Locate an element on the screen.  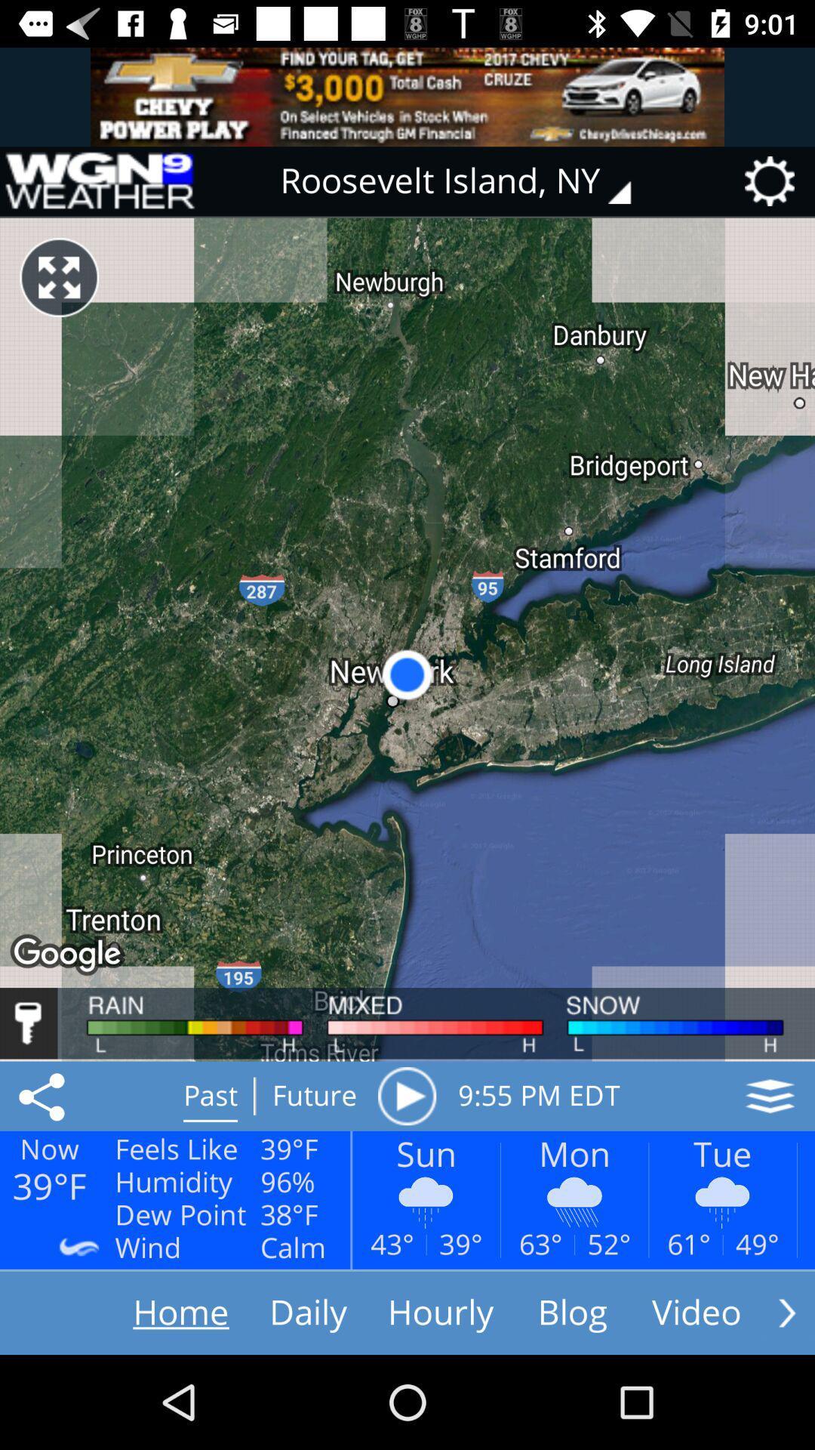
see more is located at coordinates (786, 1312).